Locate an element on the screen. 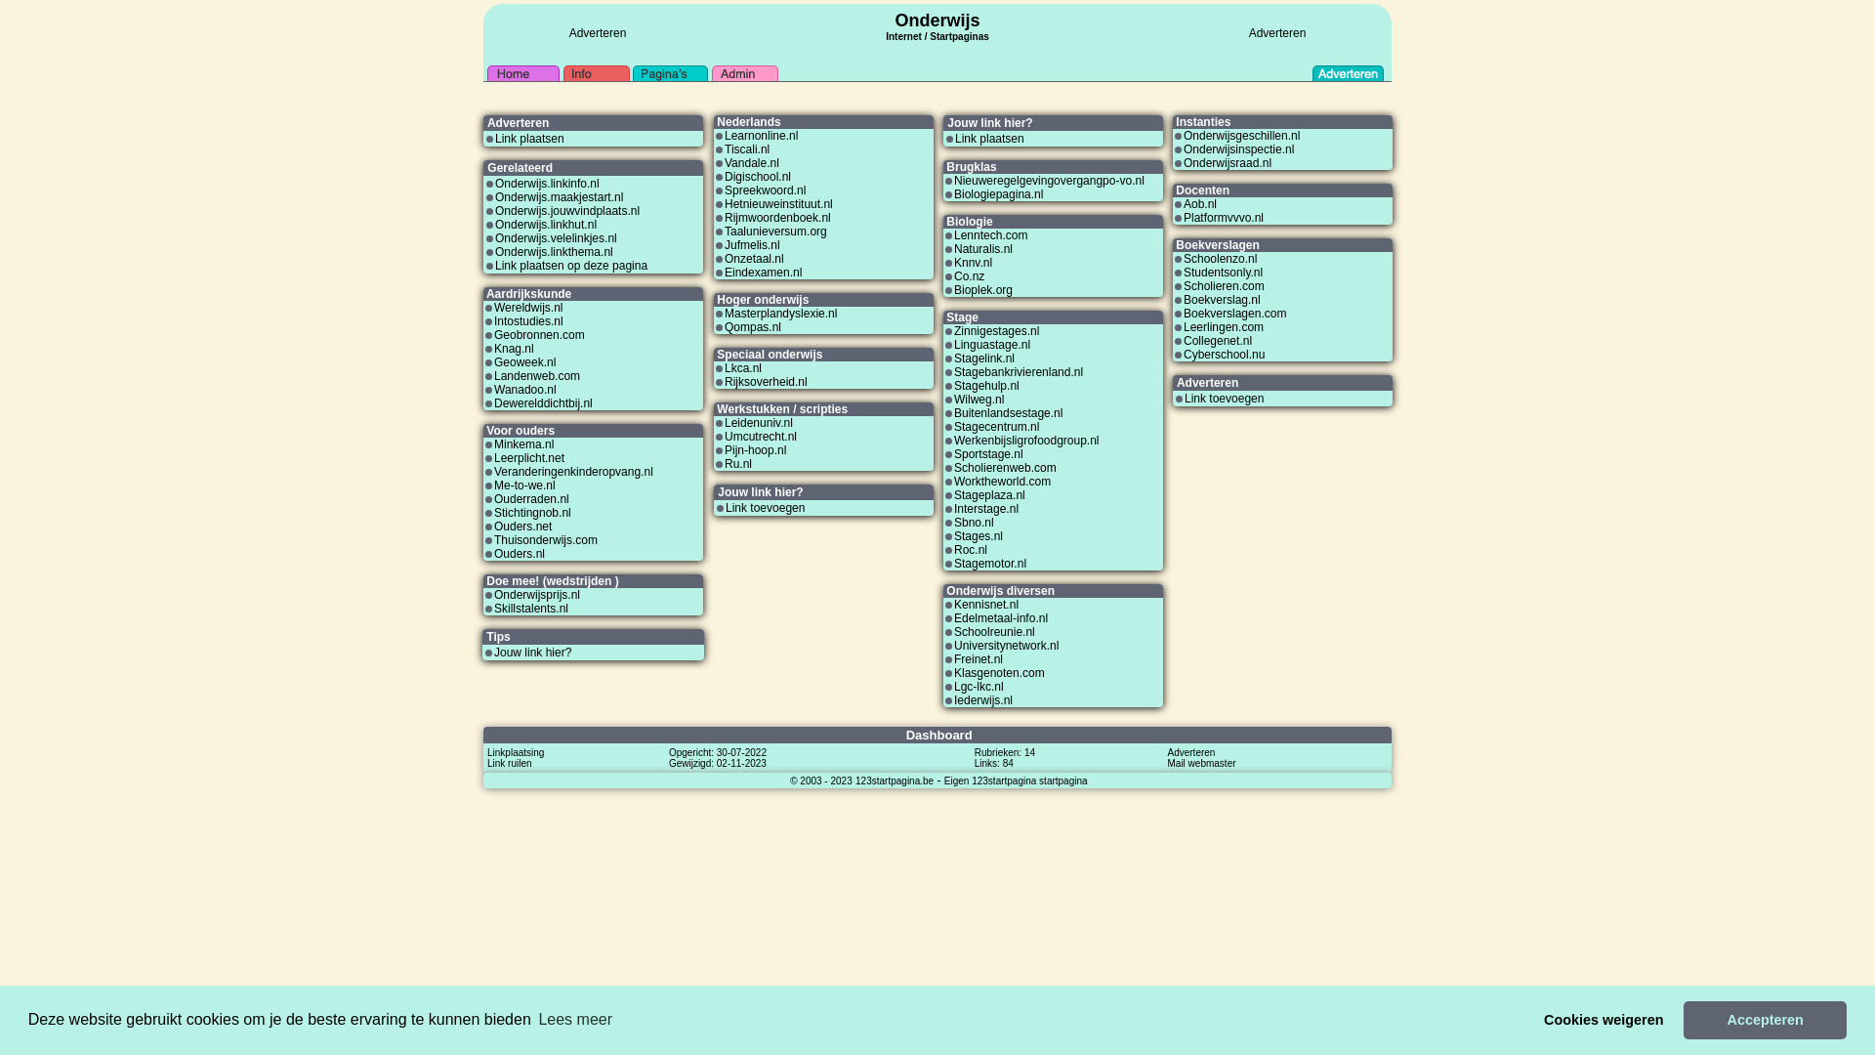 This screenshot has width=1875, height=1055. 'Naturalis.nl' is located at coordinates (954, 247).